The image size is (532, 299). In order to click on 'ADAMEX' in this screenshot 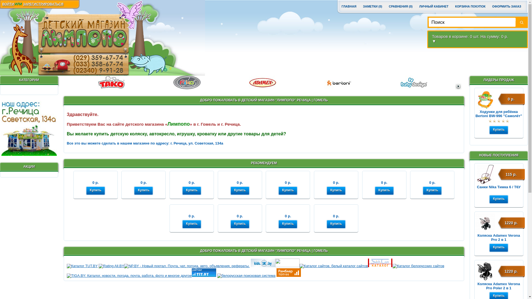, I will do `click(262, 82)`.